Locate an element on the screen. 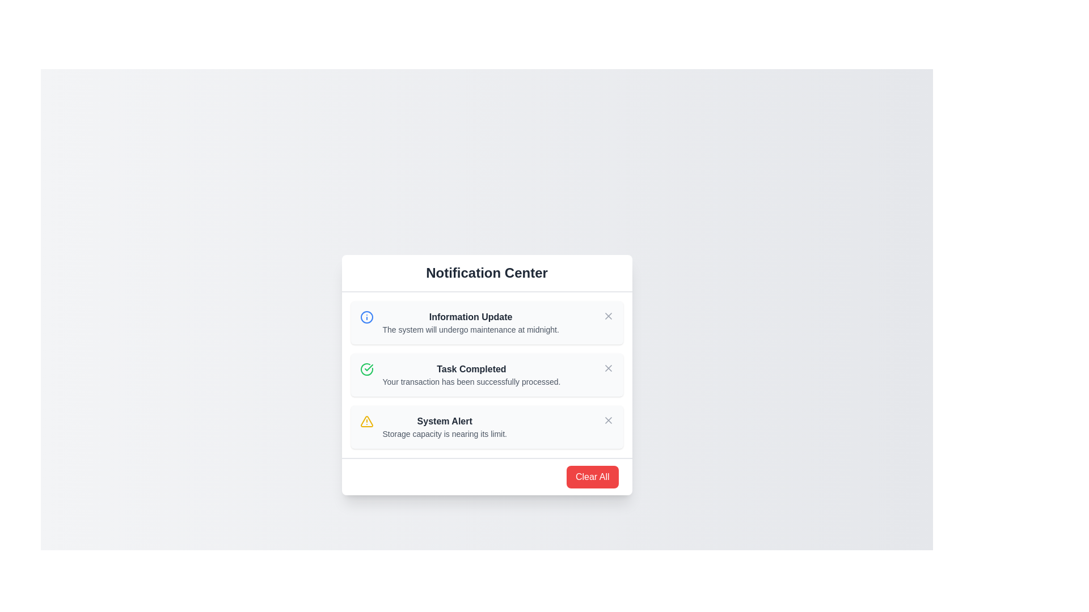 The height and width of the screenshot is (612, 1089). the success indicator icon in the 'Task Completed' notification card located in the second row of the notification list is located at coordinates (366, 369).